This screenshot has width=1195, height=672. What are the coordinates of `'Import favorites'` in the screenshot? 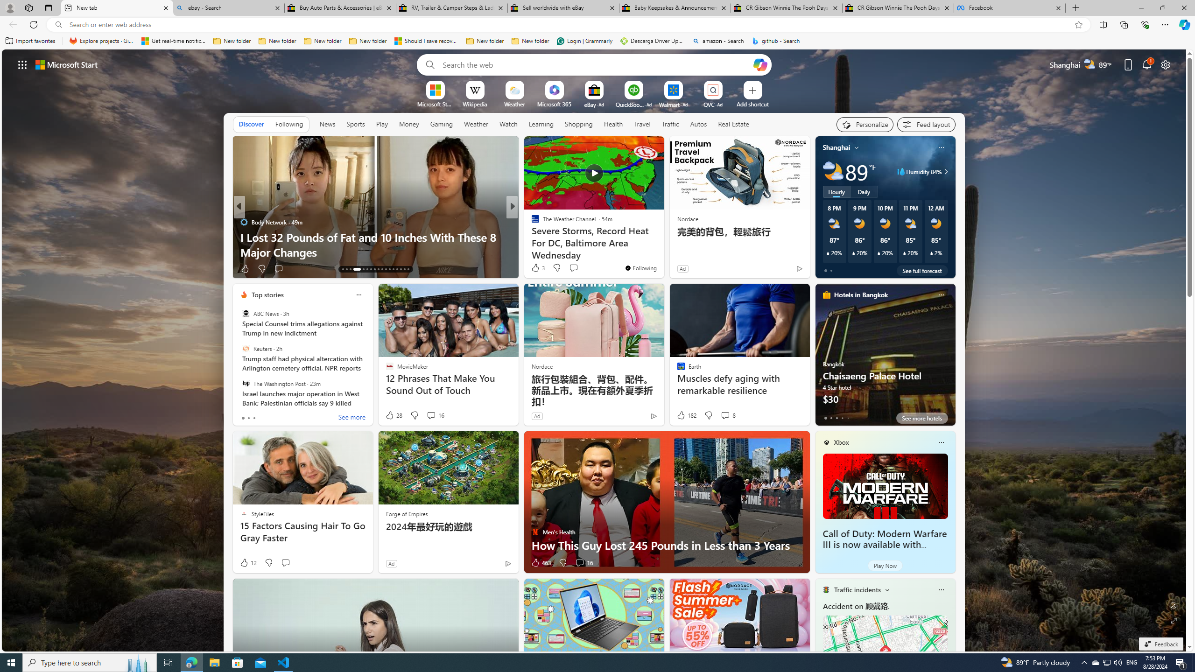 It's located at (30, 41).